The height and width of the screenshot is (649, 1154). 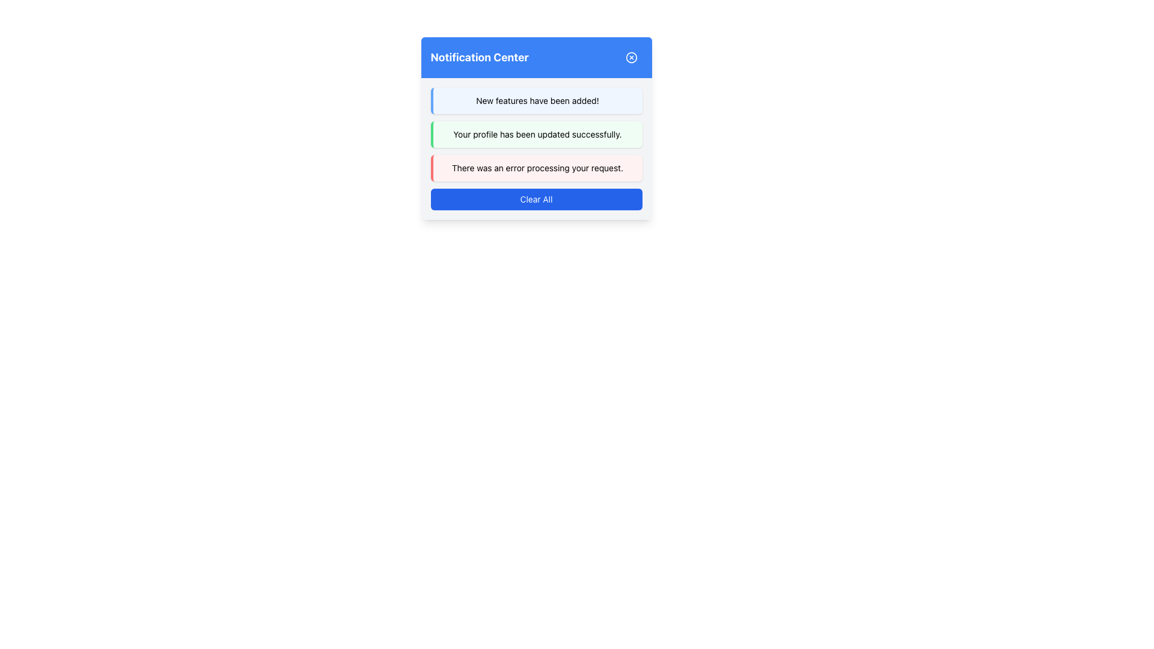 I want to click on the notification text label that informs users about an error in processing their request, located in the third row of the notification center interface, so click(x=537, y=168).